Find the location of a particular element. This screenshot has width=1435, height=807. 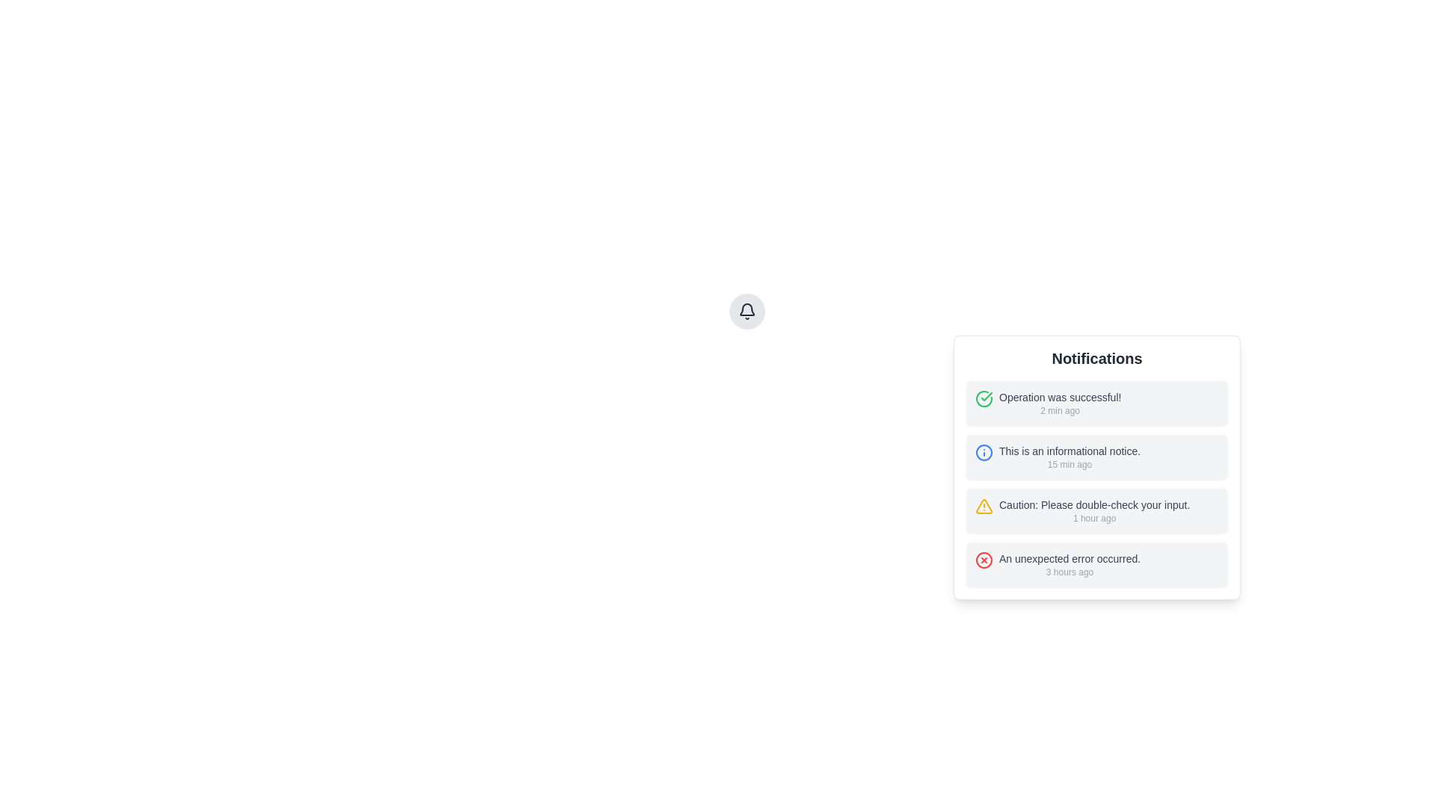

the notification text label that states 'Operation was successful!' which is positioned in the top section of the notification panel, preceded by a green checkmark icon is located at coordinates (1059, 403).